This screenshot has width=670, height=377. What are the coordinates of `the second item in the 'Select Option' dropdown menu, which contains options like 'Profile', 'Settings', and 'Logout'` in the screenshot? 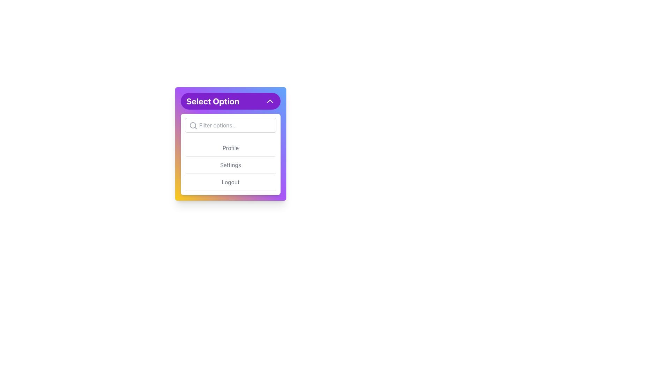 It's located at (231, 154).